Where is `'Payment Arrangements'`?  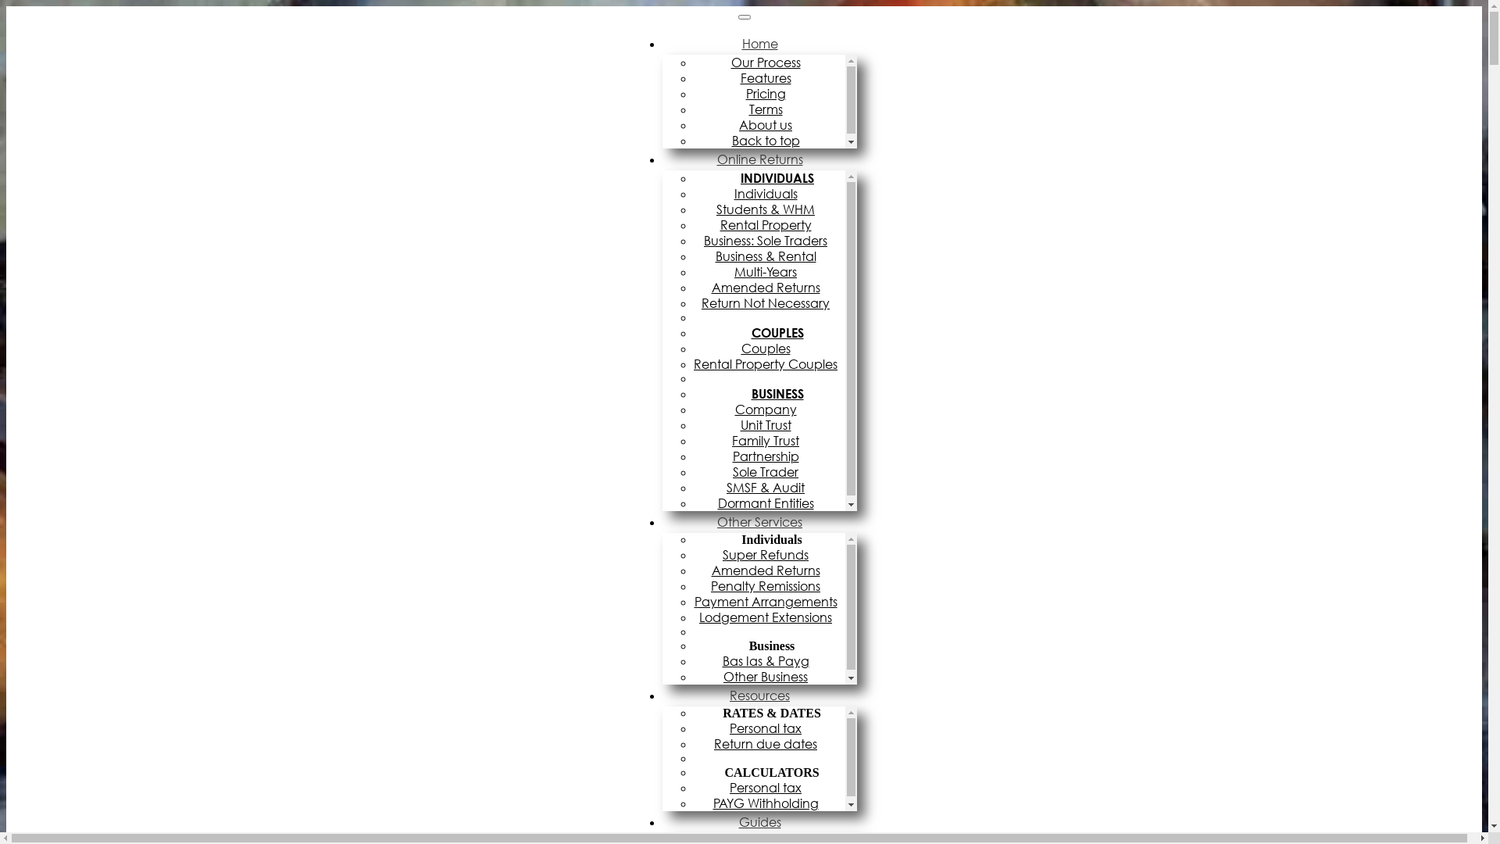
'Payment Arrangements' is located at coordinates (769, 601).